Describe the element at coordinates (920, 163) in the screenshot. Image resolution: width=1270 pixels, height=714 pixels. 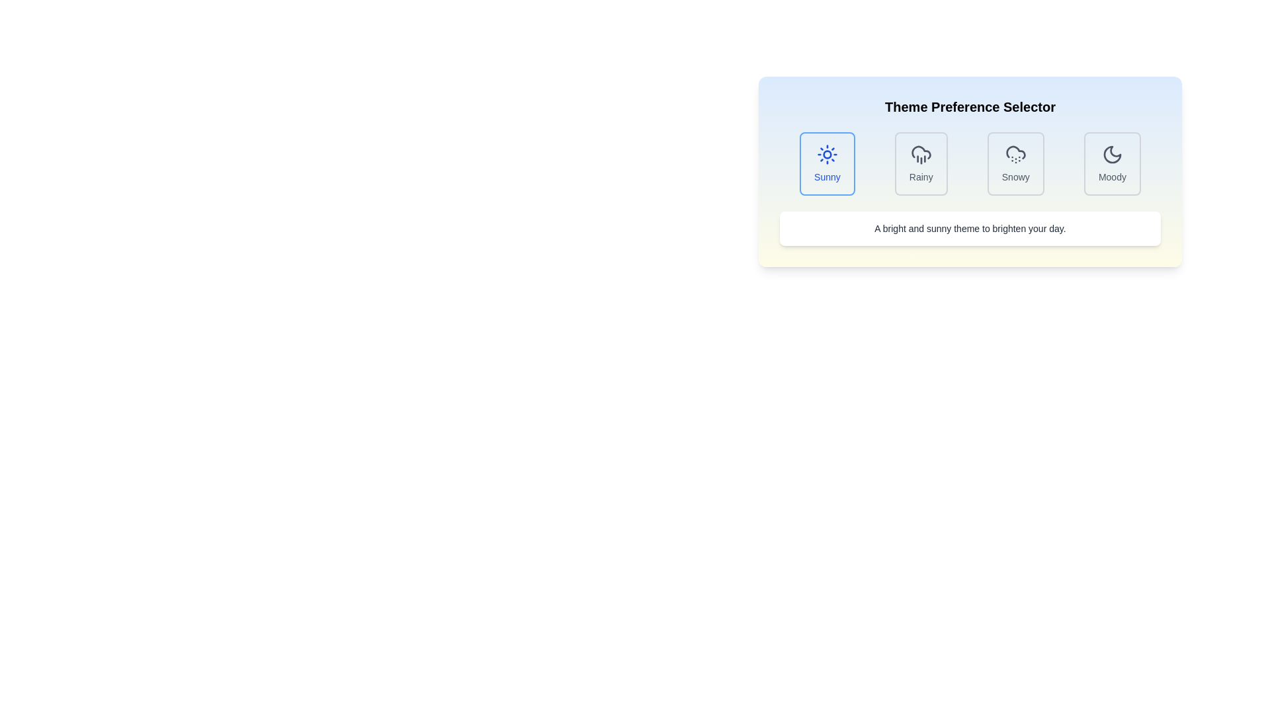
I see `the theme Rainy by clicking on the corresponding button` at that location.